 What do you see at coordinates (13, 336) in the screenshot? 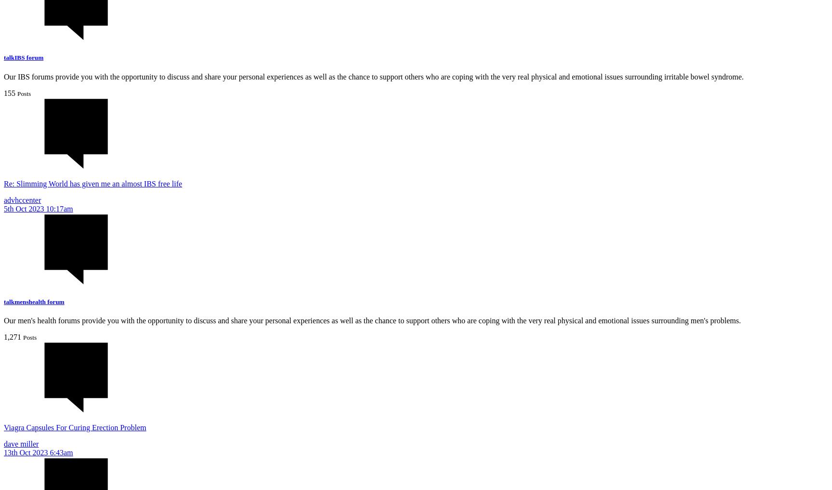
I see `'1,271'` at bounding box center [13, 336].